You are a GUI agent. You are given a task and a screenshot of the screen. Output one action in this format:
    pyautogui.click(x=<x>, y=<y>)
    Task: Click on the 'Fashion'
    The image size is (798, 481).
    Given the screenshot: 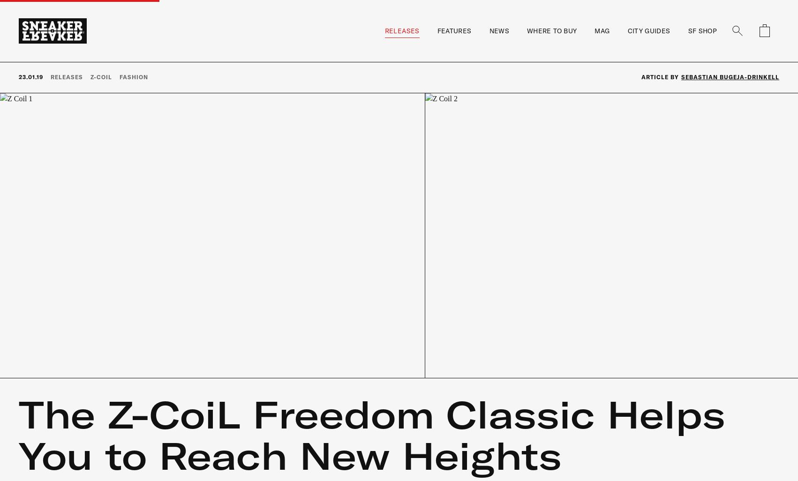 What is the action you would take?
    pyautogui.click(x=133, y=76)
    